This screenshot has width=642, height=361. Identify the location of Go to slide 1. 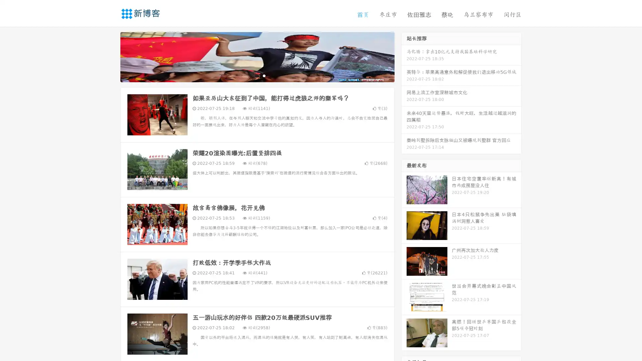
(250, 75).